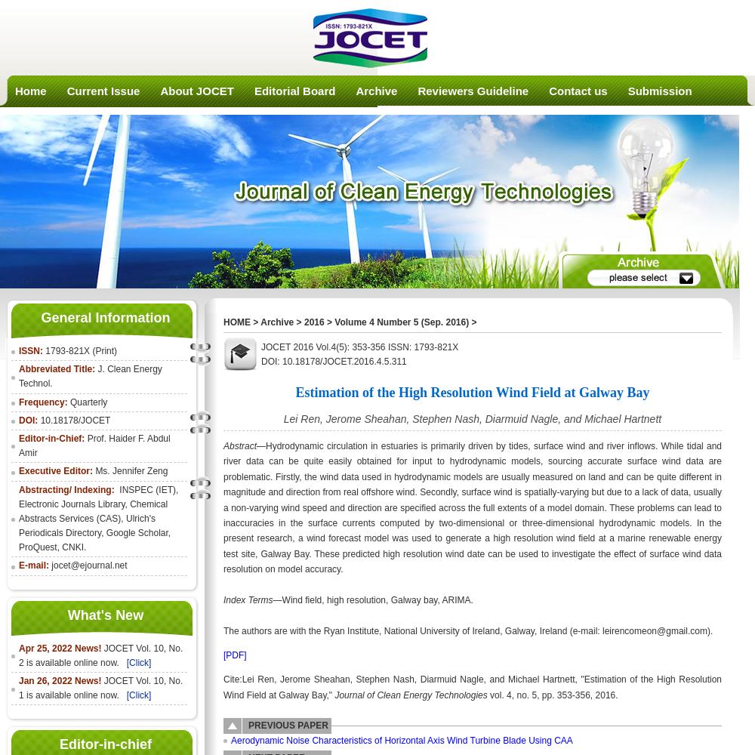 Image resolution: width=755 pixels, height=755 pixels. I want to click on 'What's New', so click(105, 614).